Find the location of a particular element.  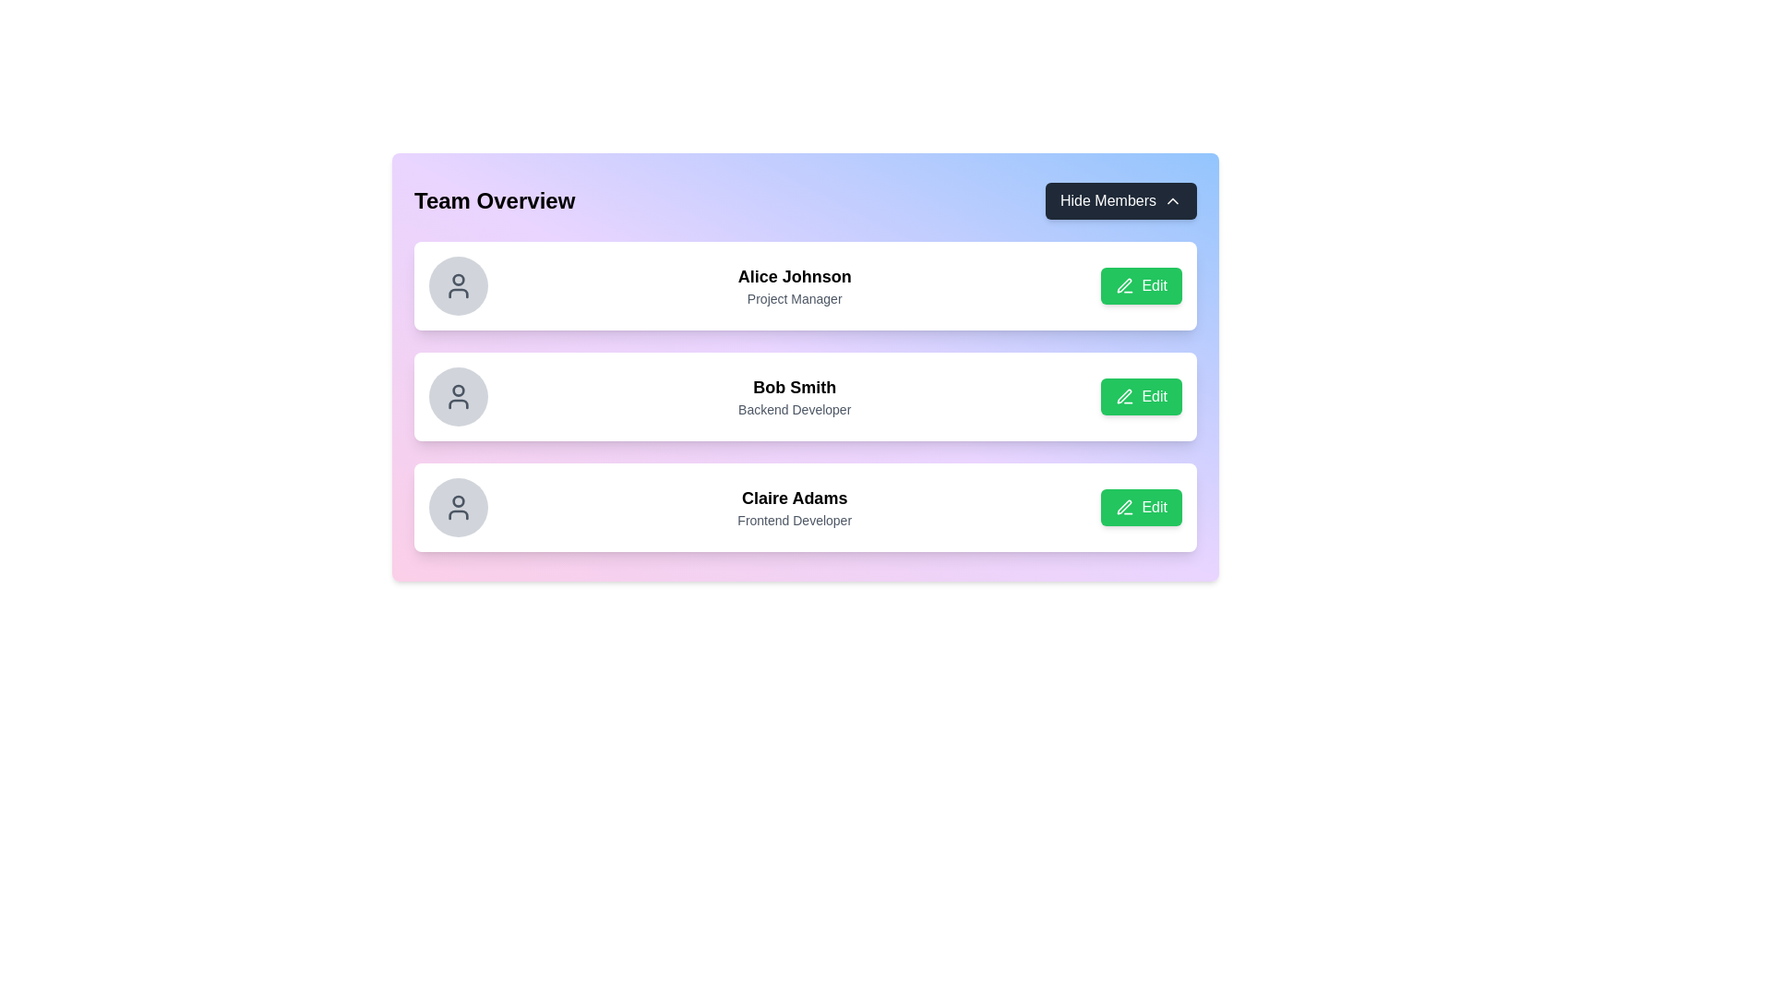

the static text element displaying 'Bob Smith' and 'Backend Developer' located in the second slot of the list within the card component is located at coordinates (795, 395).